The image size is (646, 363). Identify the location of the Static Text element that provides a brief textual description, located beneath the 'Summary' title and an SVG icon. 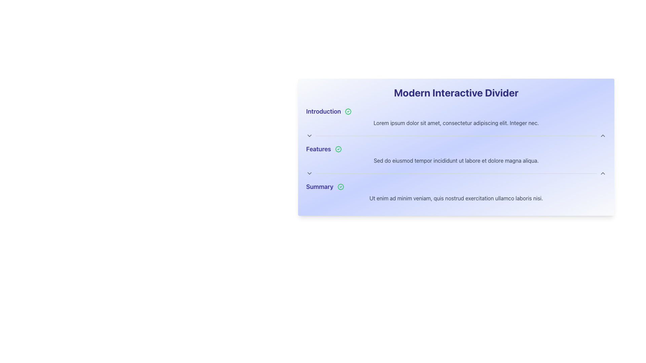
(456, 198).